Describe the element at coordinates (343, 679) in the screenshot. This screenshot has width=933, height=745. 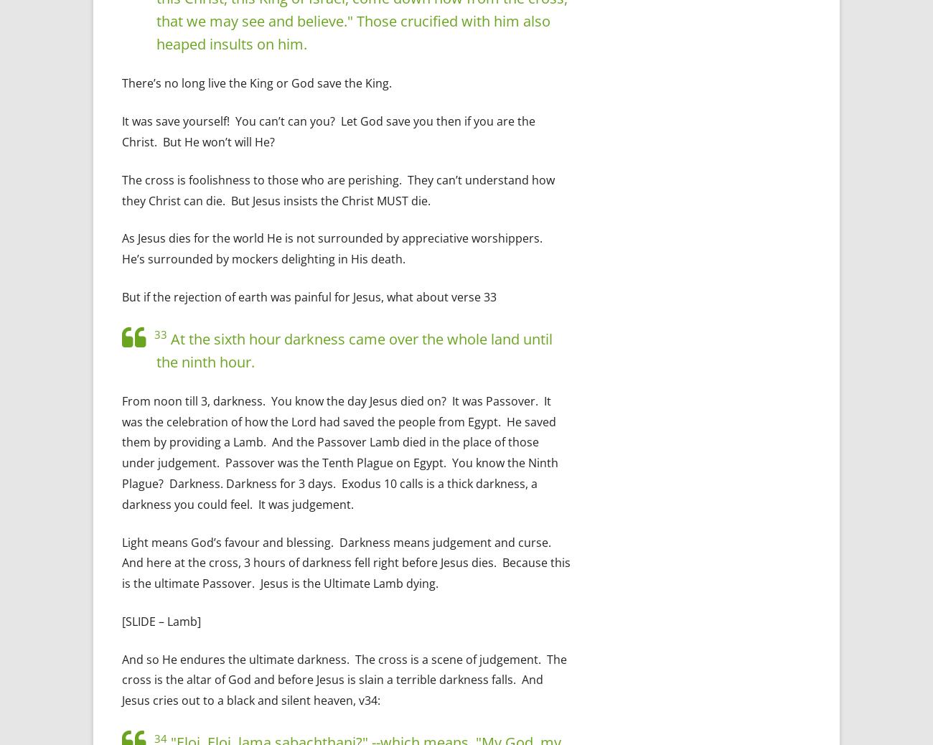
I see `'And so He endures the ultimate darkness.  The cross is a scene of judgement.  The cross is the altar of God and before Jesus is slain a terrible darkness falls.  And Jesus cries out to a black and silent heaven, v34:'` at that location.